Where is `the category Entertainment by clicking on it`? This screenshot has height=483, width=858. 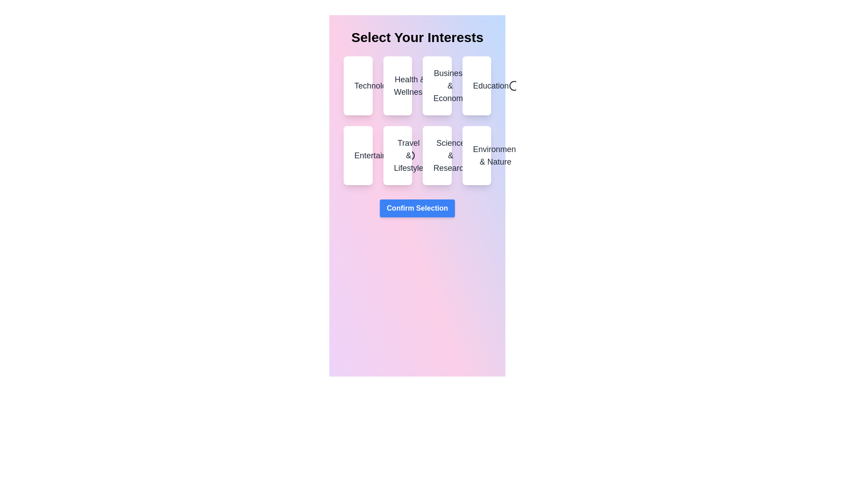
the category Entertainment by clicking on it is located at coordinates (358, 155).